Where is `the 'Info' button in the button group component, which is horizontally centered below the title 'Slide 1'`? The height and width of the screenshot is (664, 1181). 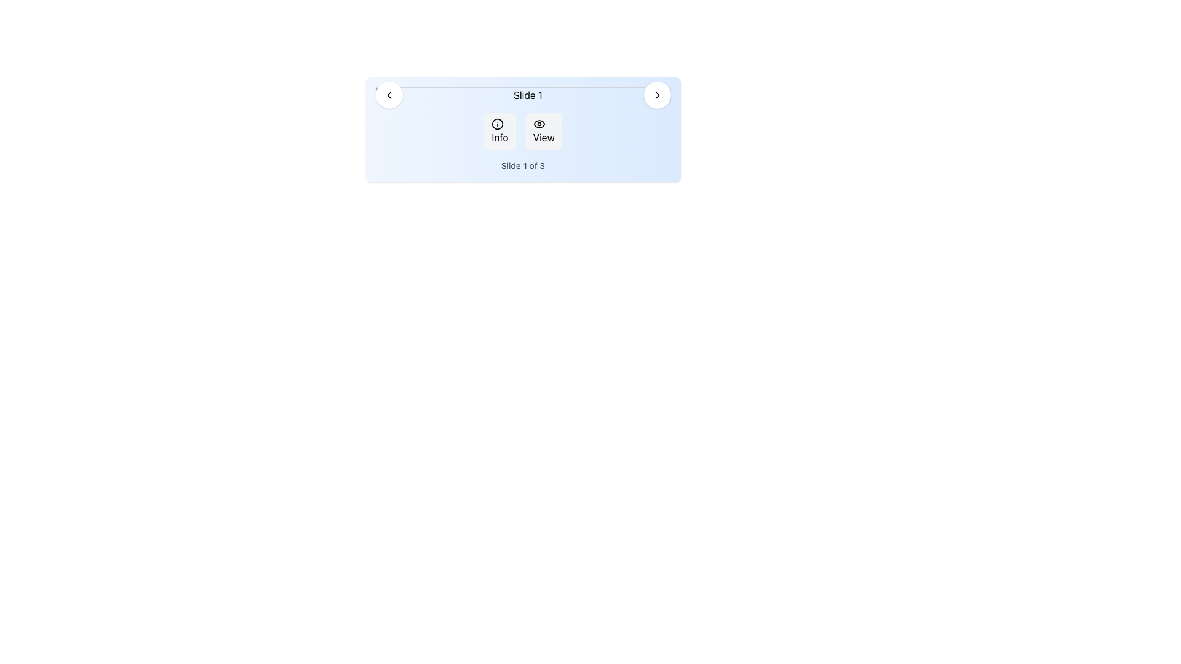 the 'Info' button in the button group component, which is horizontally centered below the title 'Slide 1' is located at coordinates (523, 131).